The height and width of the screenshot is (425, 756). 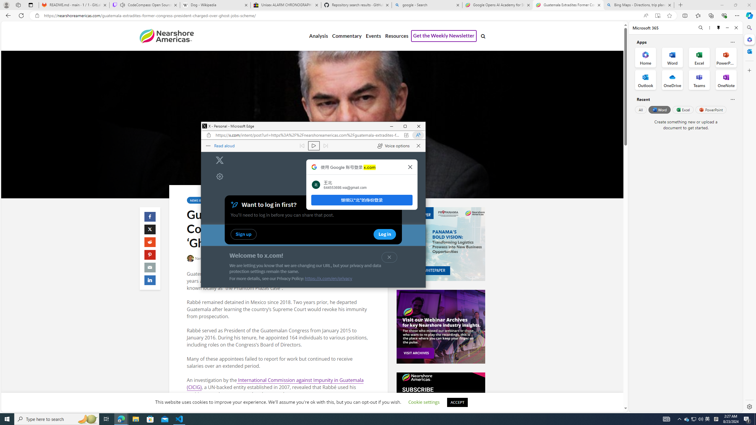 What do you see at coordinates (645, 58) in the screenshot?
I see `'Home Office App'` at bounding box center [645, 58].